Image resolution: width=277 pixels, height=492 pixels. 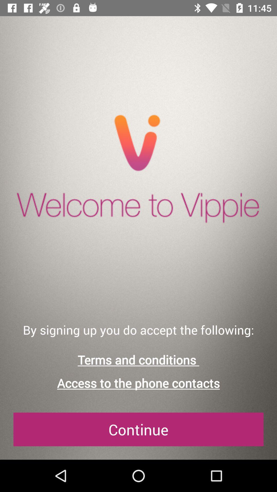 What do you see at coordinates (138, 360) in the screenshot?
I see `item below by signing up icon` at bounding box center [138, 360].